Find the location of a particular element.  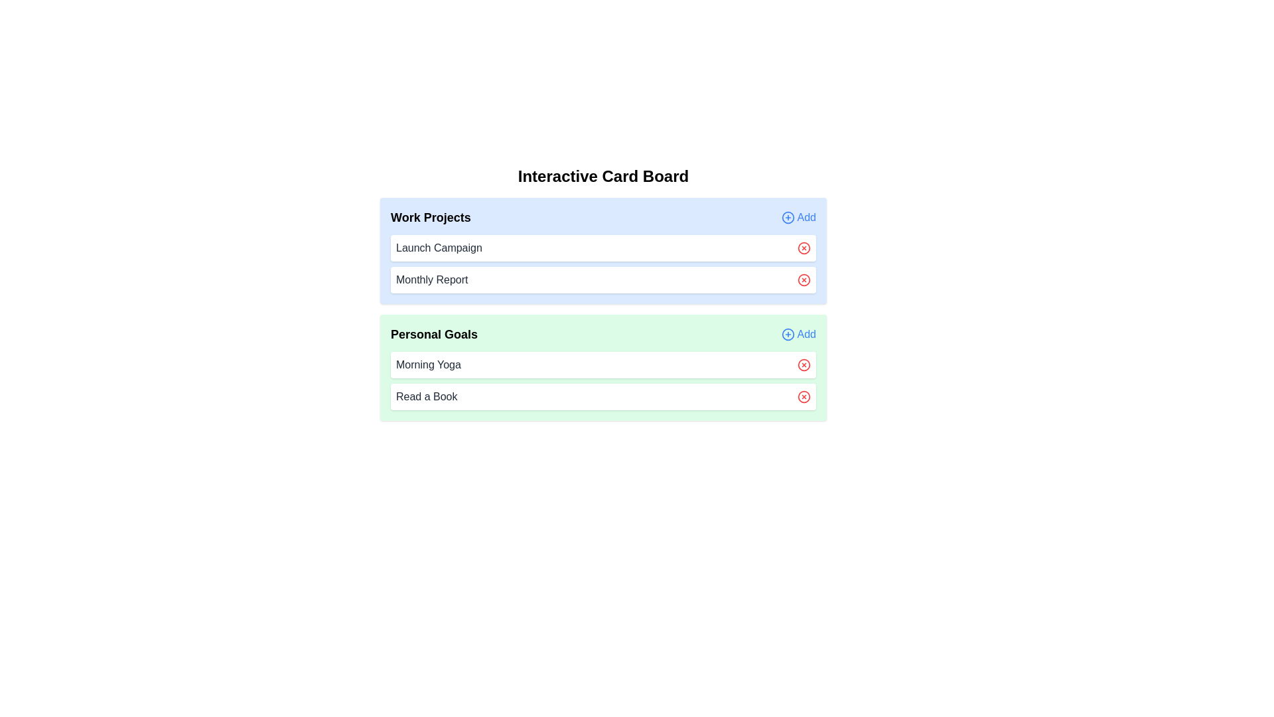

the red 'X' button next to the task 'Monthly Report' in the category 'Work Projects' is located at coordinates (803, 279).